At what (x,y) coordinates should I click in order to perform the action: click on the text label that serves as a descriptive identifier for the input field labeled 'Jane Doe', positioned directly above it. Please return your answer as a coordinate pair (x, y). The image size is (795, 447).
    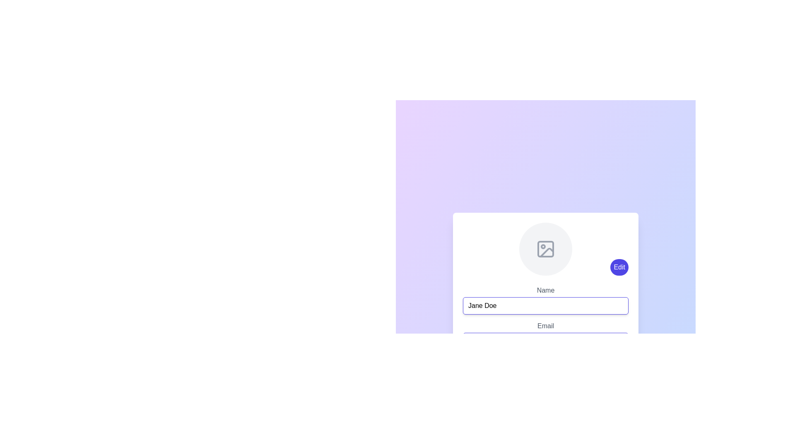
    Looking at the image, I should click on (546, 290).